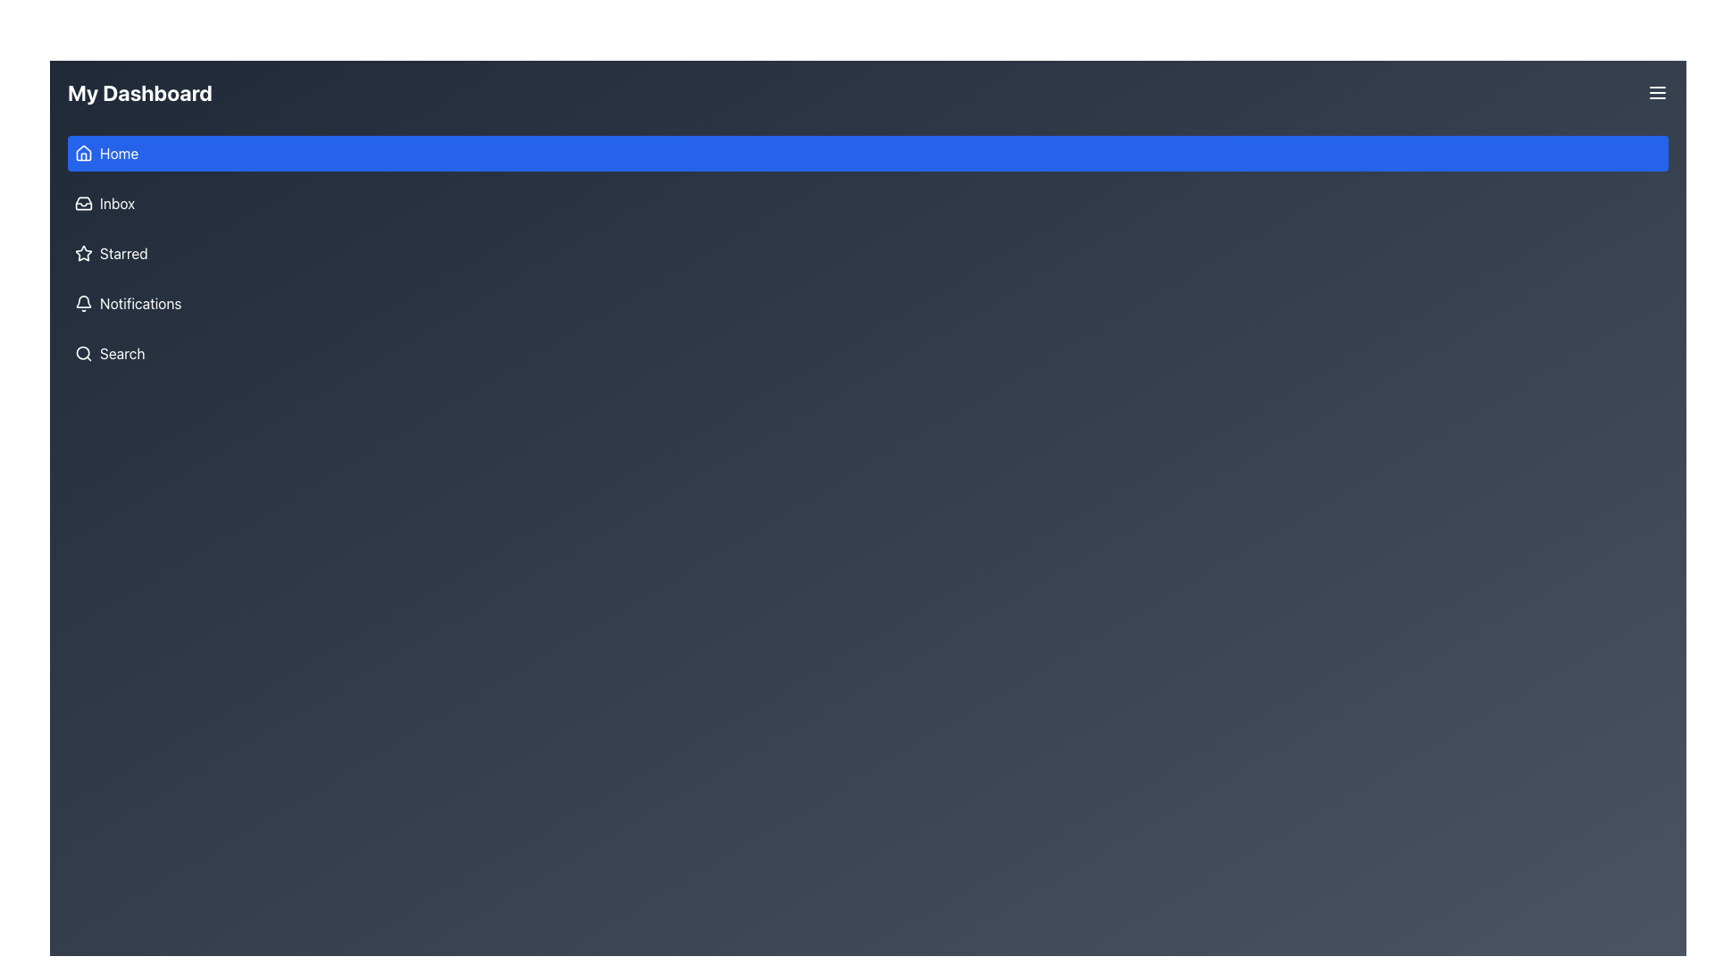 The width and height of the screenshot is (1715, 965). What do you see at coordinates (83, 253) in the screenshot?
I see `the hollow star icon located on the left panel of the dashboard, adjacent to the 'Starred' text label` at bounding box center [83, 253].